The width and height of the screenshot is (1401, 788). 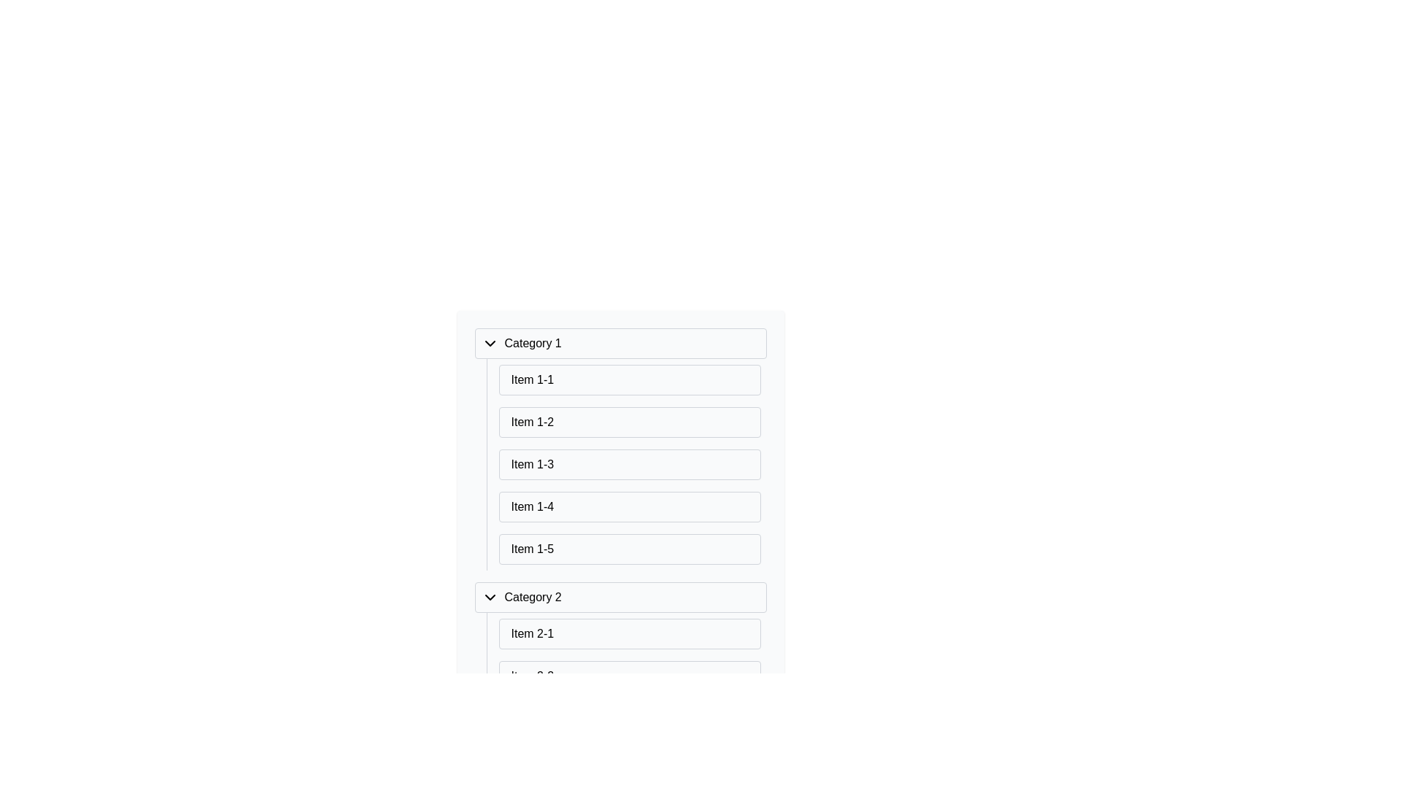 What do you see at coordinates (620, 343) in the screenshot?
I see `the Collapsible section header labeled 'Category 1'` at bounding box center [620, 343].